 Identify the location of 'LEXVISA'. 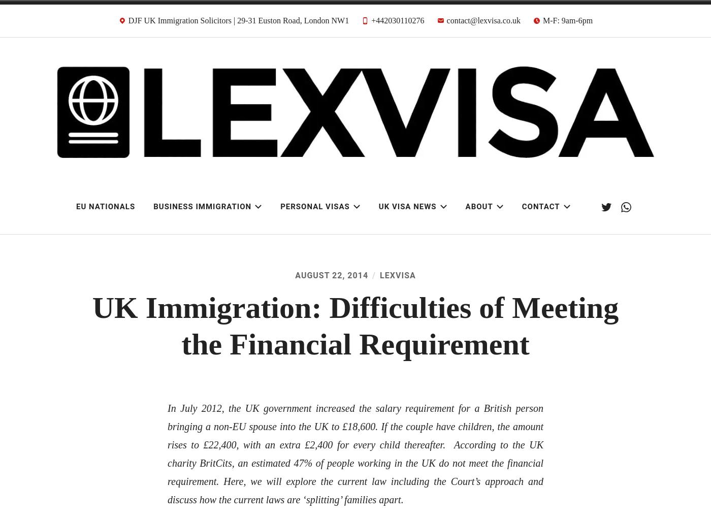
(380, 274).